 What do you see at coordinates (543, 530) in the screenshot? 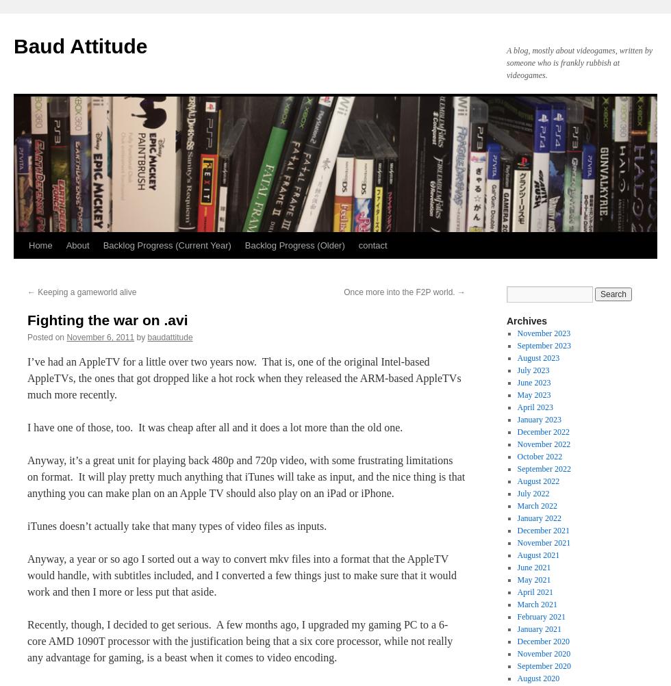
I see `'December 2021'` at bounding box center [543, 530].